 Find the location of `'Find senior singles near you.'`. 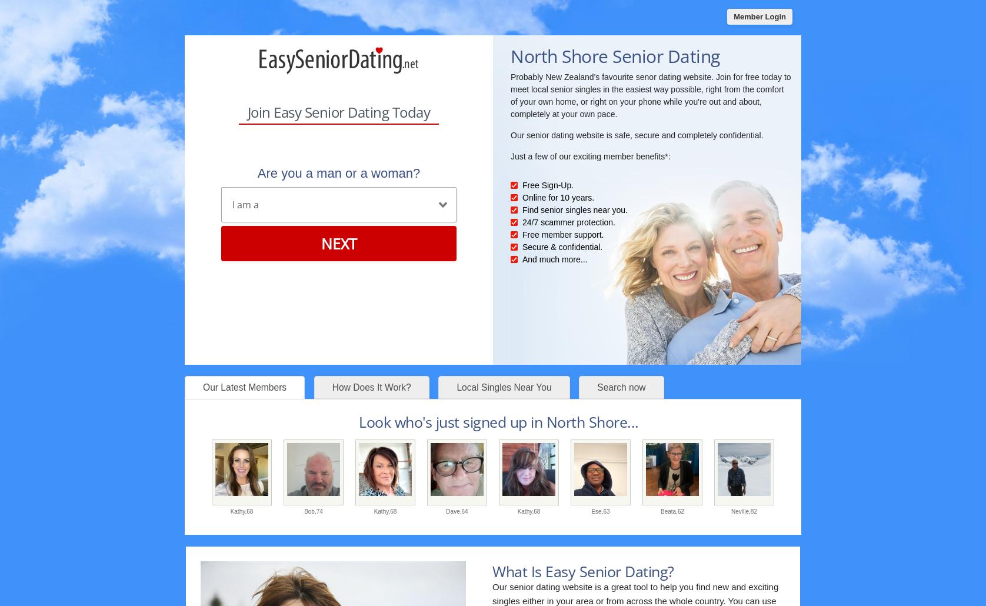

'Find senior singles near you.' is located at coordinates (575, 209).